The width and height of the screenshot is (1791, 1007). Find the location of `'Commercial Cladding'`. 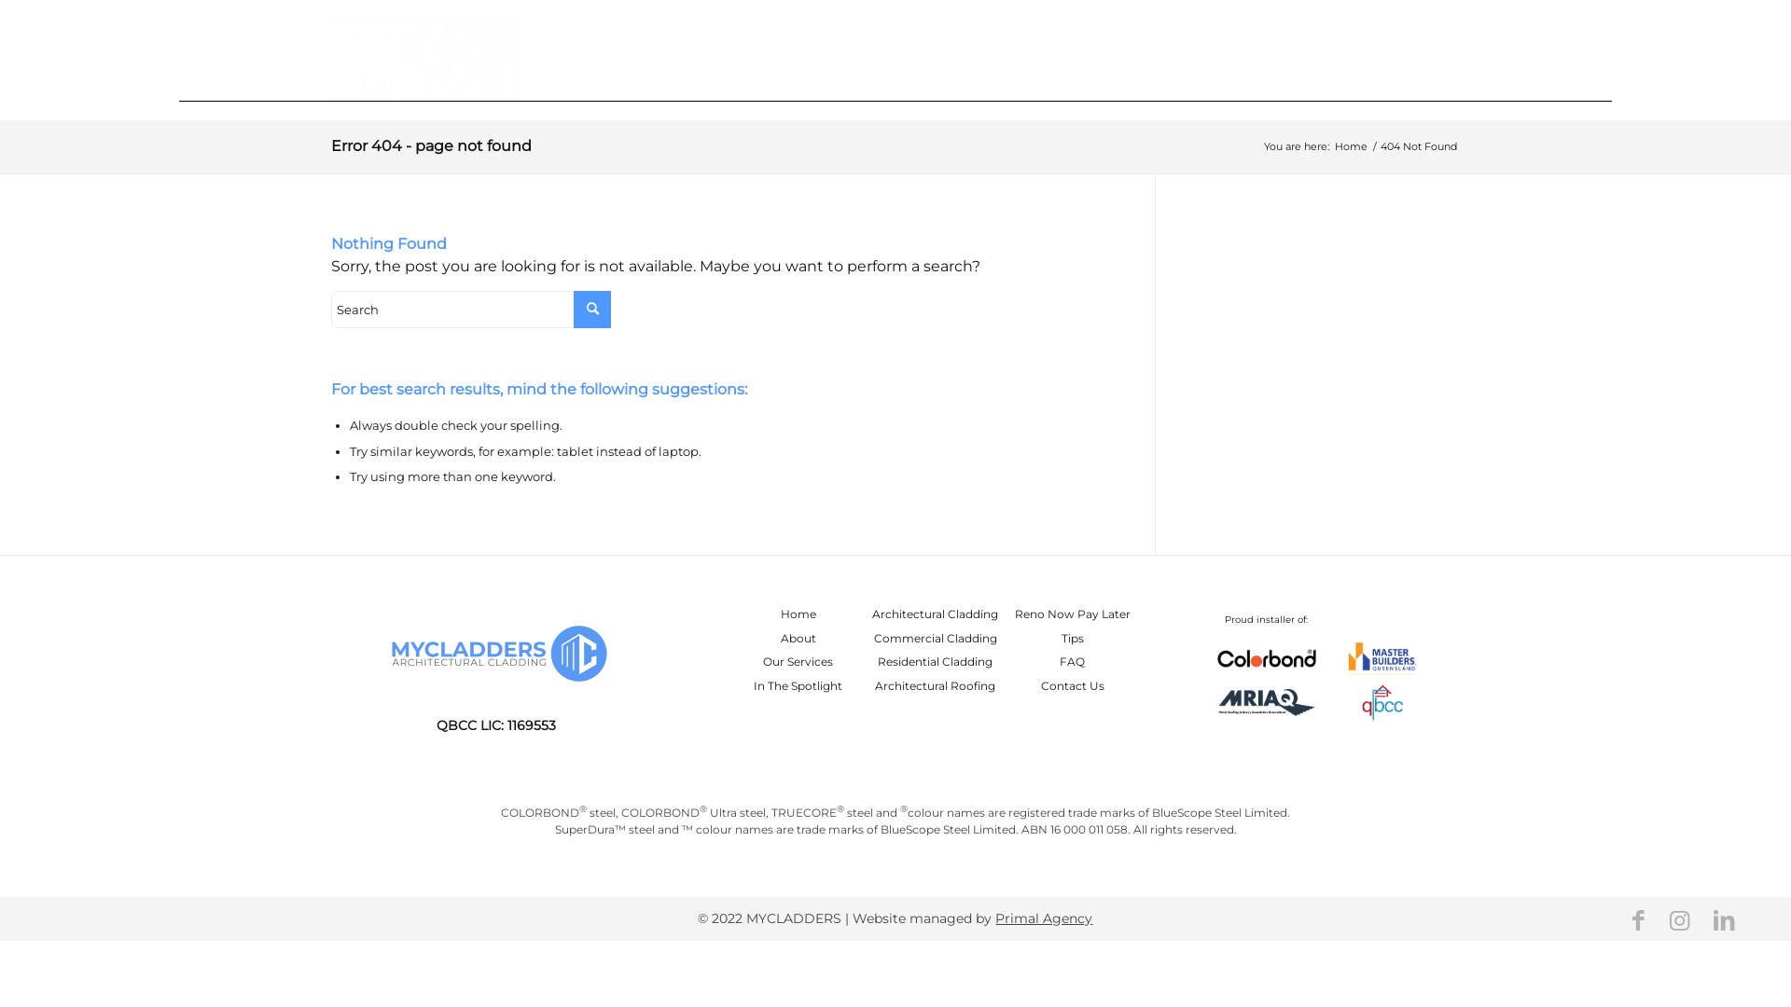

'Commercial Cladding' is located at coordinates (936, 637).